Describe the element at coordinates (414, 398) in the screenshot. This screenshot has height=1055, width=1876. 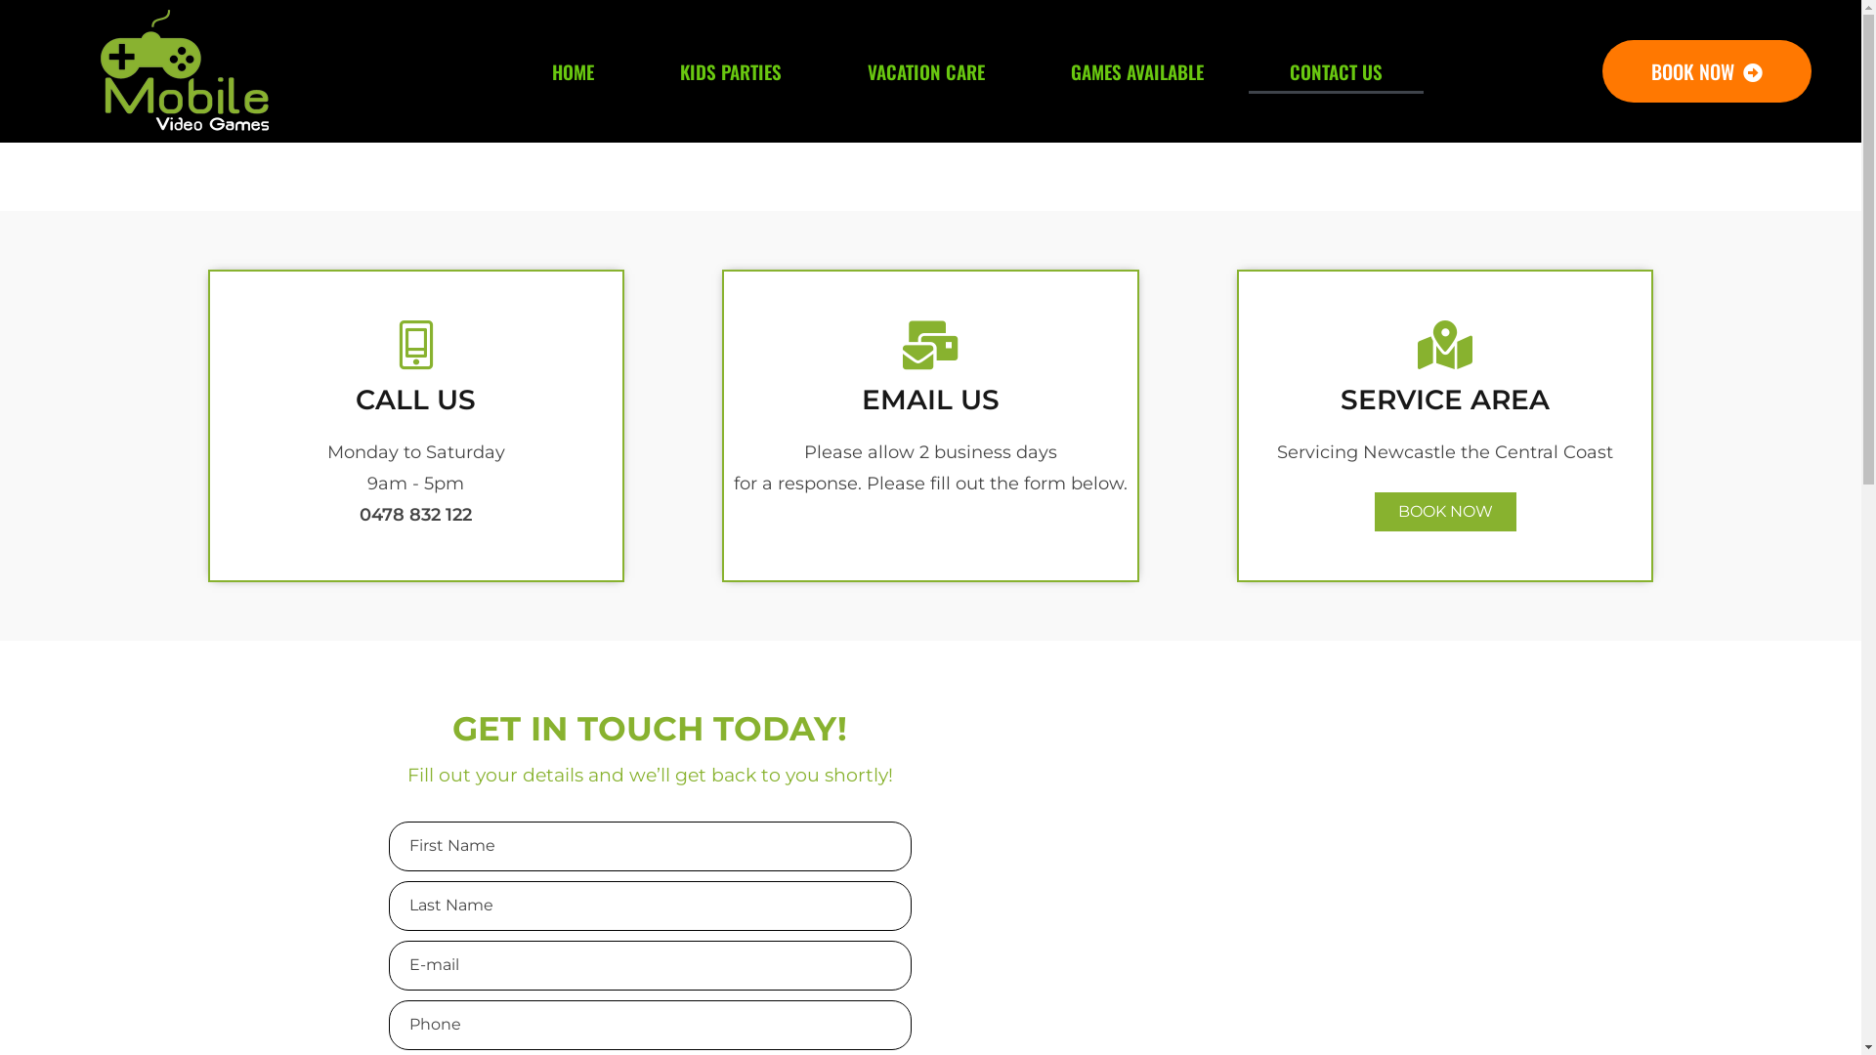
I see `'CALL US'` at that location.